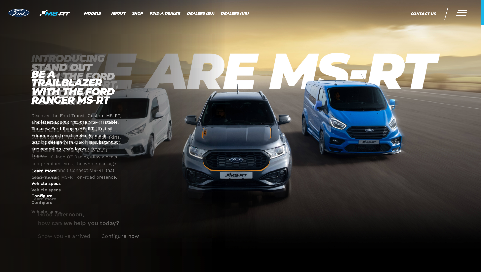 The width and height of the screenshot is (484, 272). What do you see at coordinates (42, 195) in the screenshot?
I see `'Configure'` at bounding box center [42, 195].